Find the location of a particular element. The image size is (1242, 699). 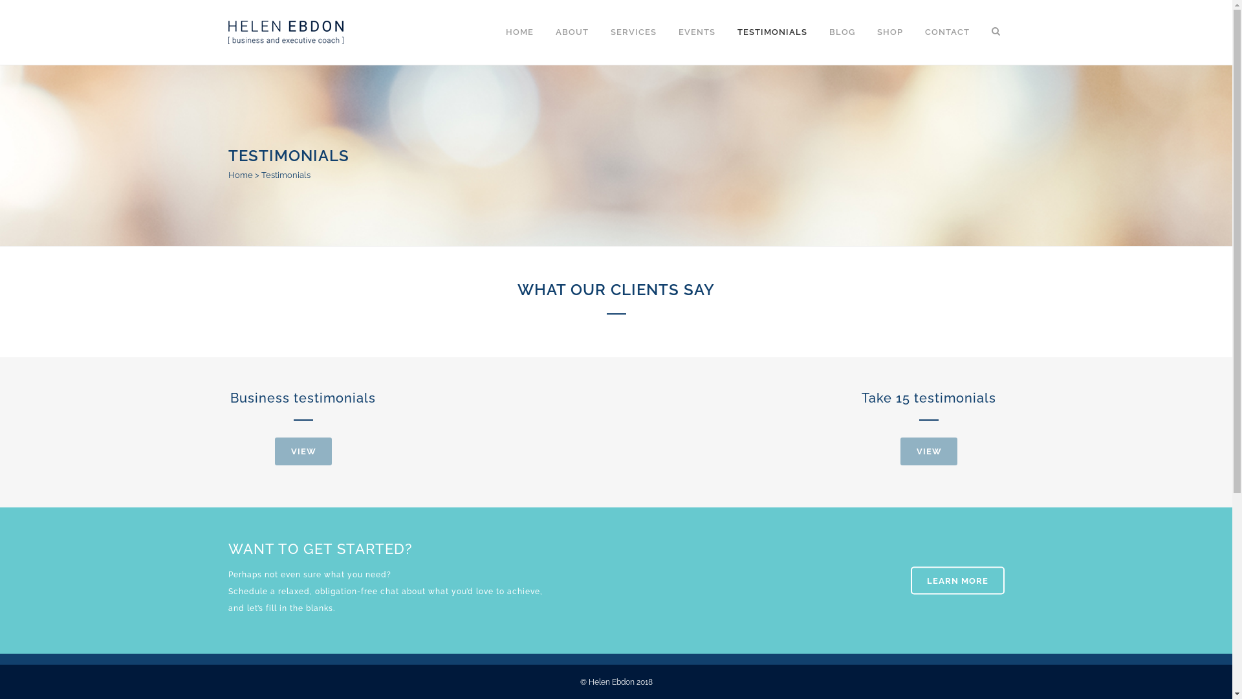

'CONTACT' is located at coordinates (912, 32).